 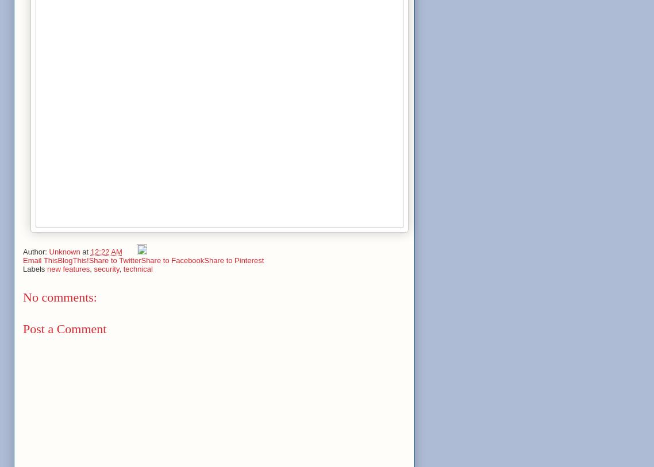 I want to click on 'No comments:', so click(x=22, y=297).